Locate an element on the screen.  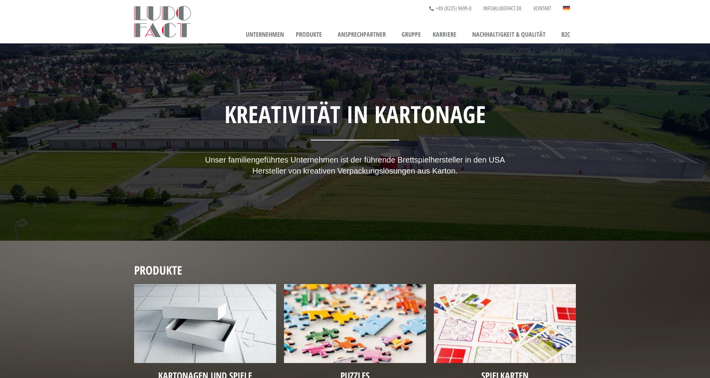
'Ausbildung & Studium' is located at coordinates (471, 52).